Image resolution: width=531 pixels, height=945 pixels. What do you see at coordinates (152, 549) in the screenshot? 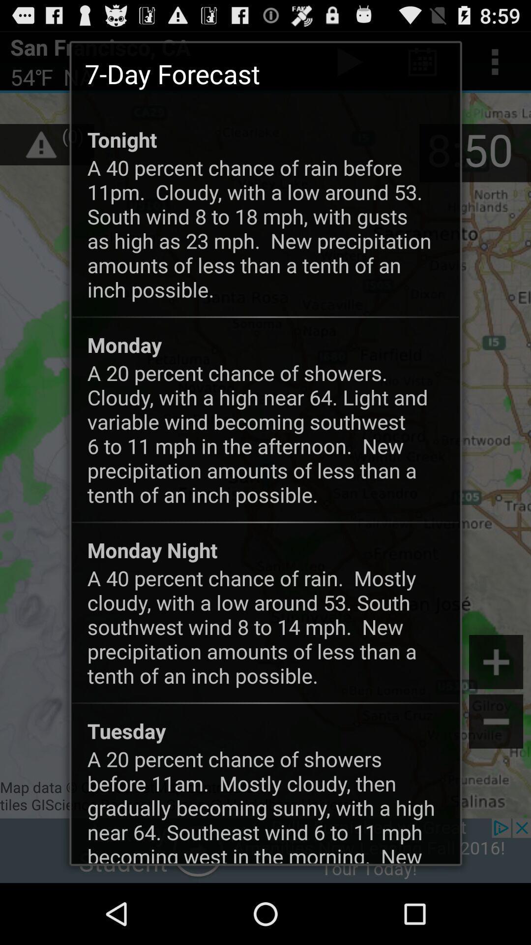
I see `app below the a 20 percent` at bounding box center [152, 549].